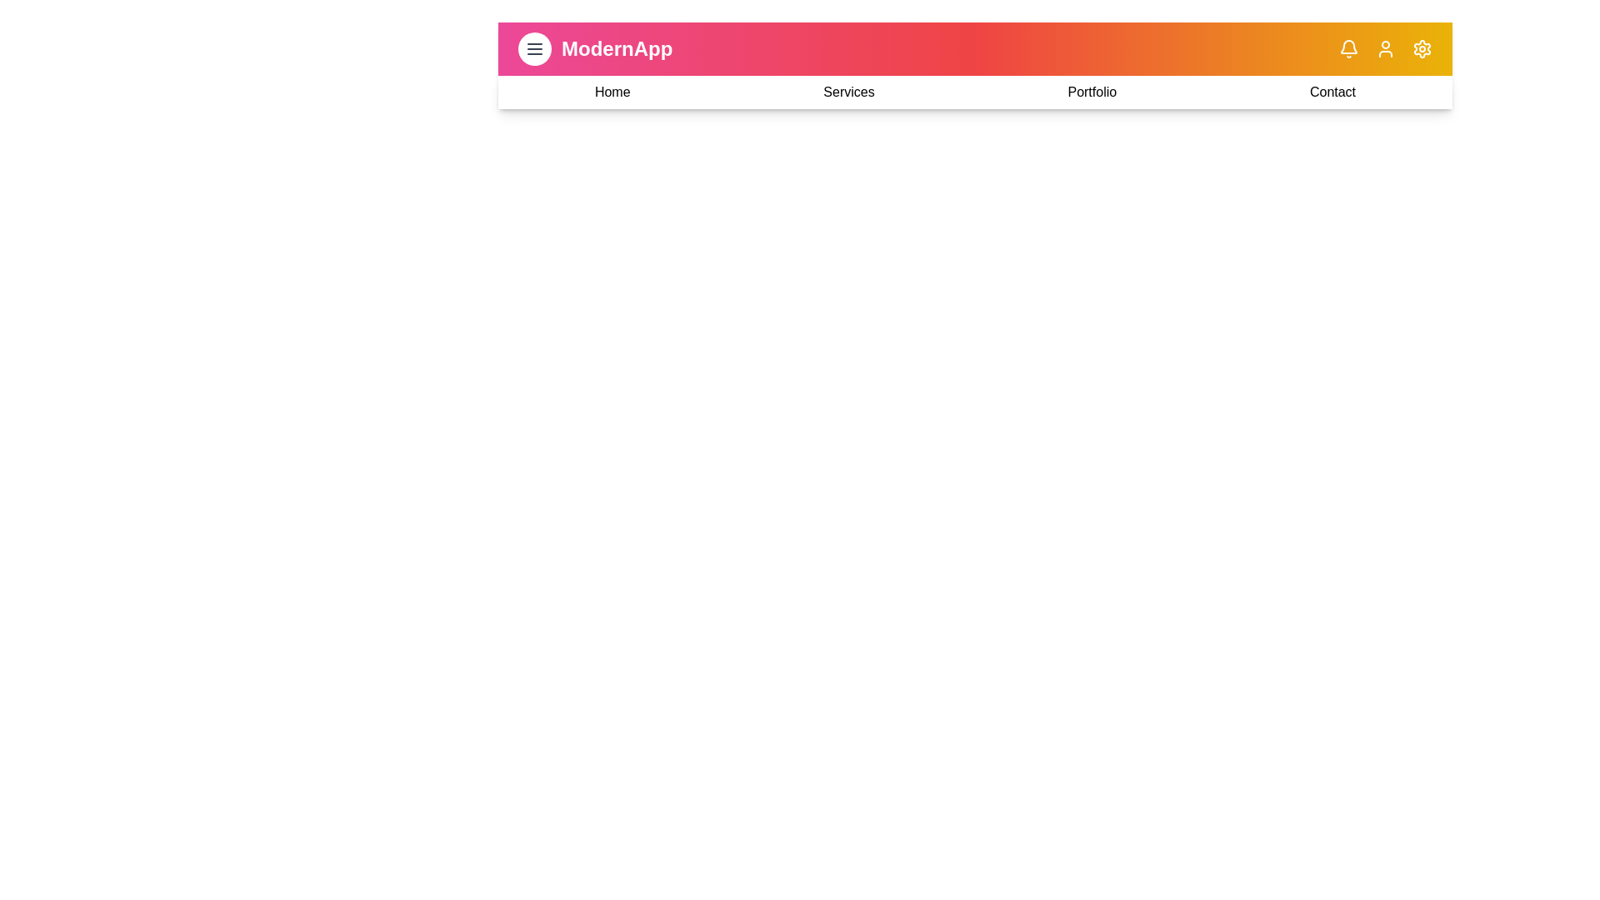  I want to click on the navigation link to navigate to the Contact section, so click(1331, 92).